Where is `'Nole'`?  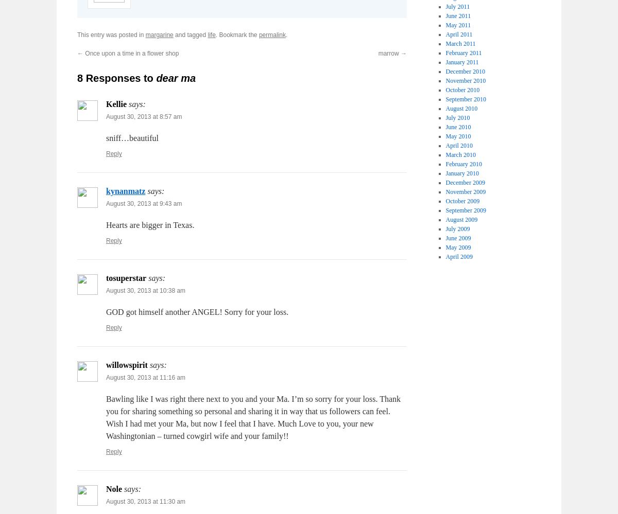
'Nole' is located at coordinates (106, 488).